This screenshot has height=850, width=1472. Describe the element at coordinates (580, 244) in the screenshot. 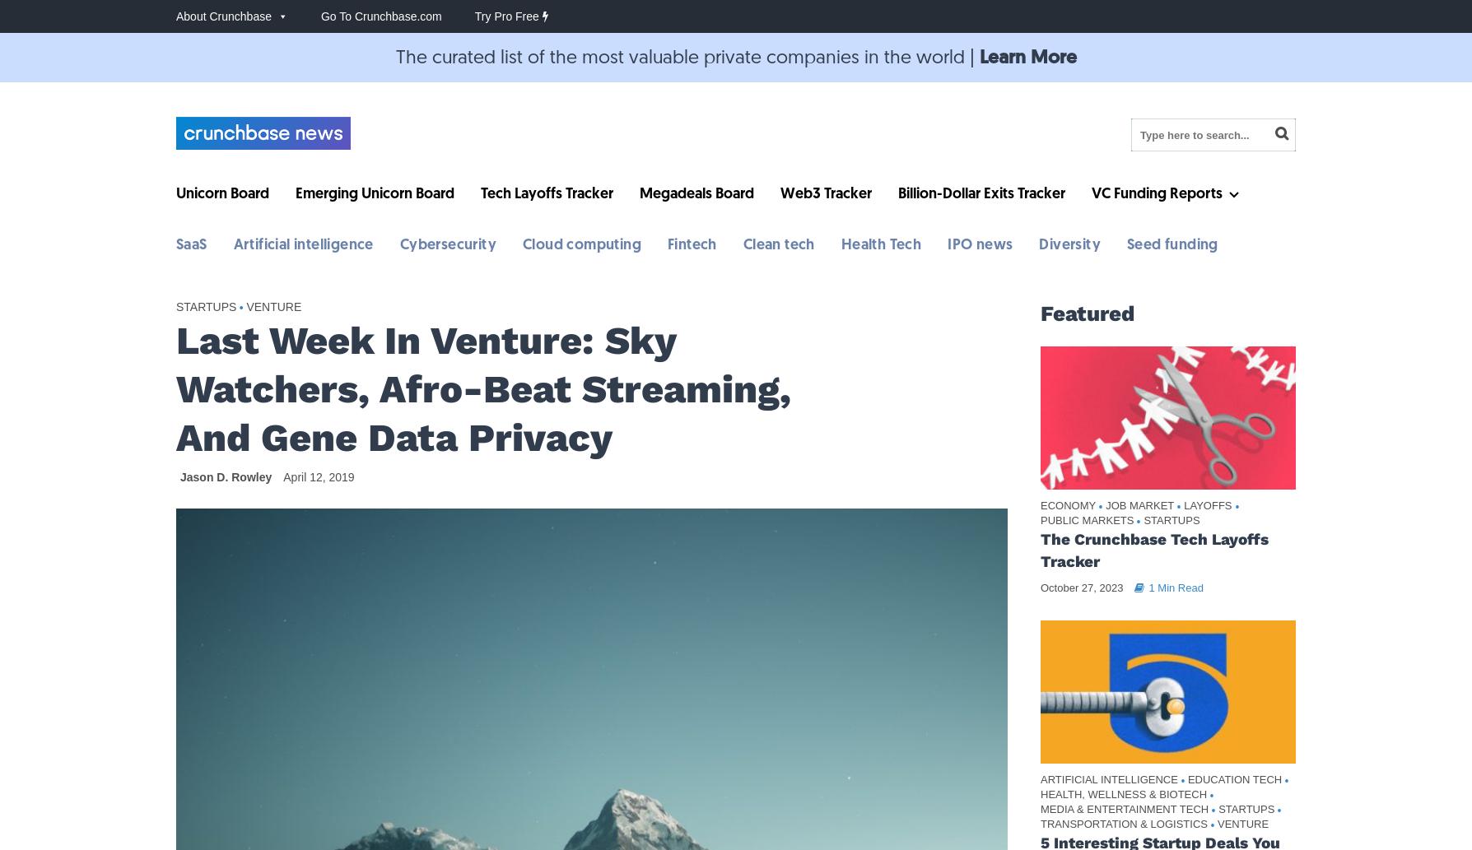

I see `'Cloud computing'` at that location.